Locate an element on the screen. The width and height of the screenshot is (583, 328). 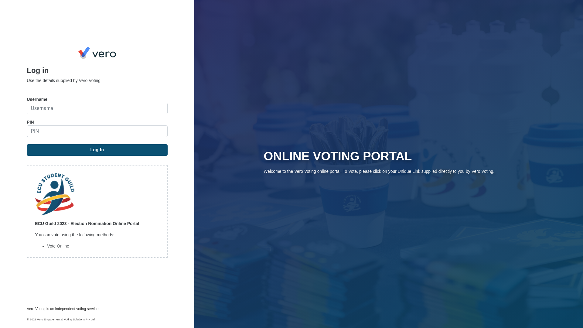
'Log In' is located at coordinates (97, 150).